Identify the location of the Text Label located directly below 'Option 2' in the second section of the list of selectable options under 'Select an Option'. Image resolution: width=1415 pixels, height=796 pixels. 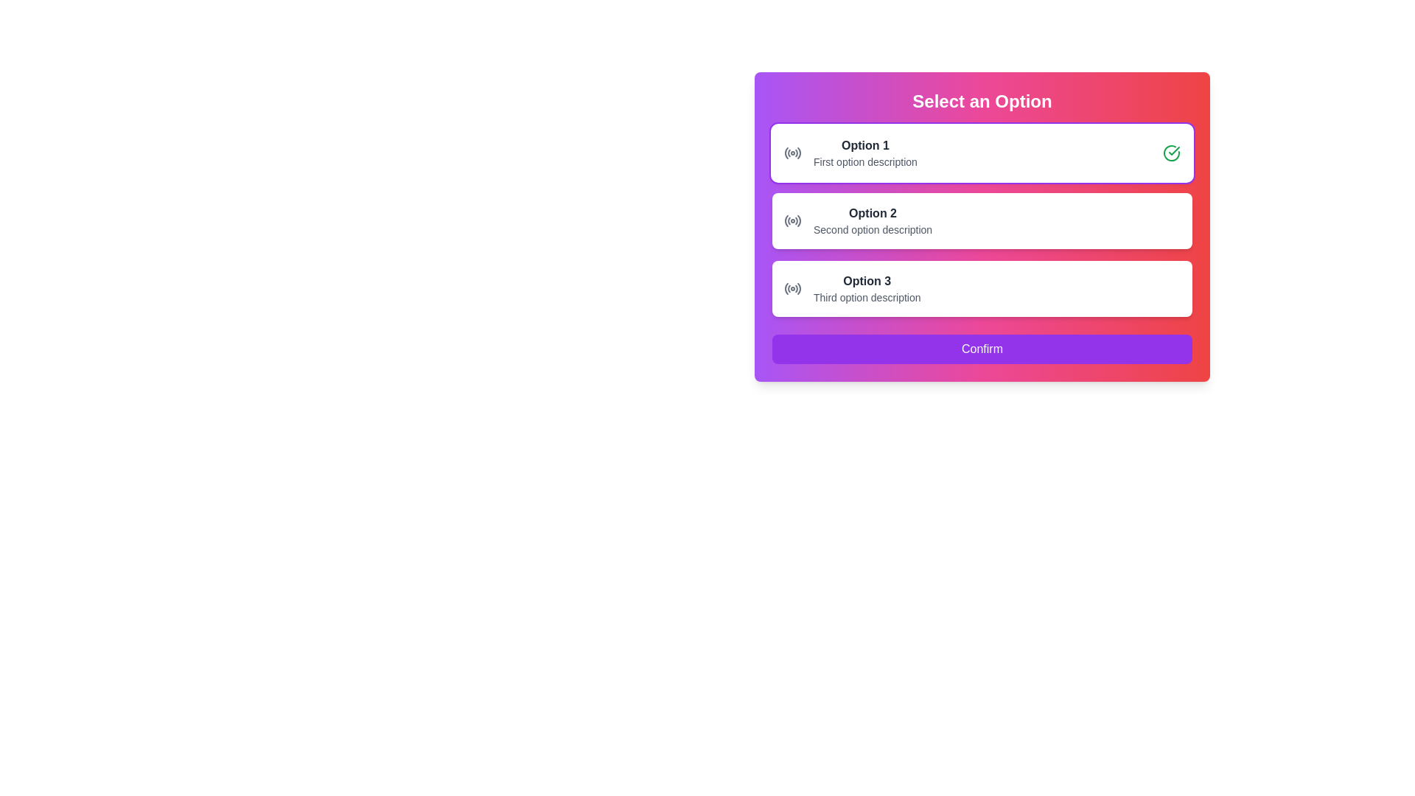
(873, 230).